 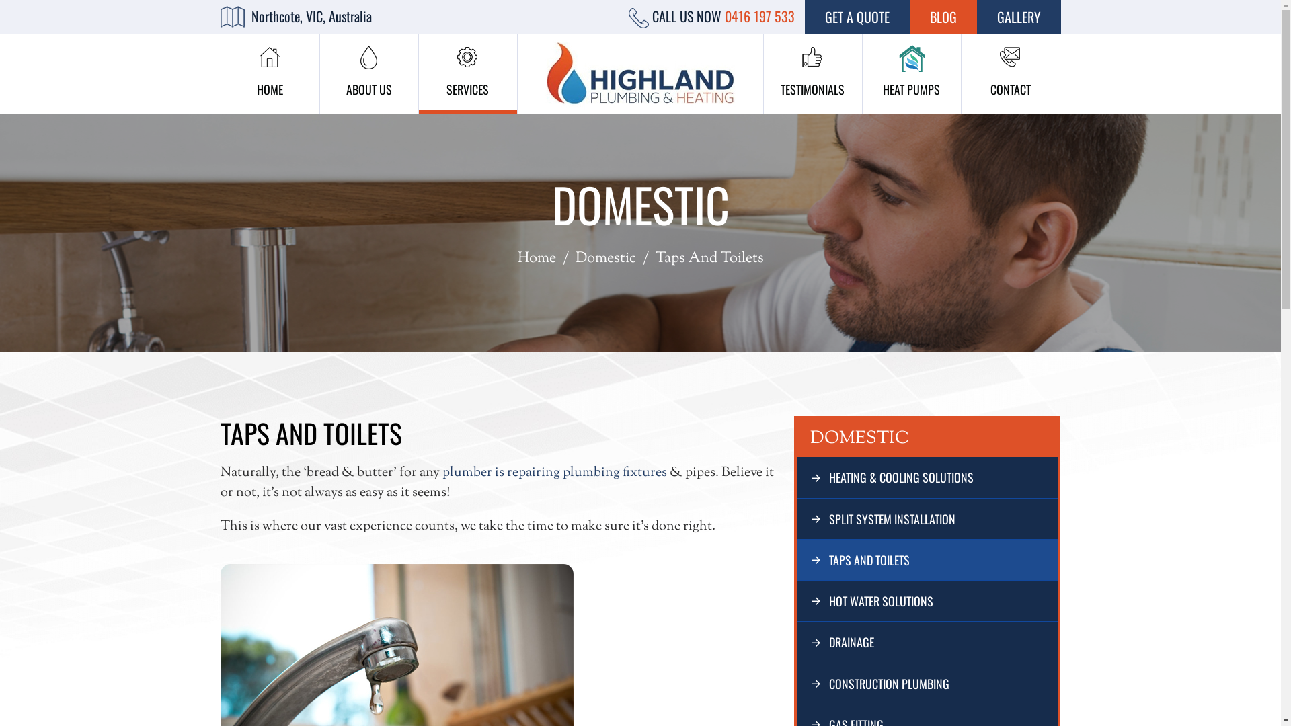 What do you see at coordinates (927, 560) in the screenshot?
I see `'TAPS AND TOILETS'` at bounding box center [927, 560].